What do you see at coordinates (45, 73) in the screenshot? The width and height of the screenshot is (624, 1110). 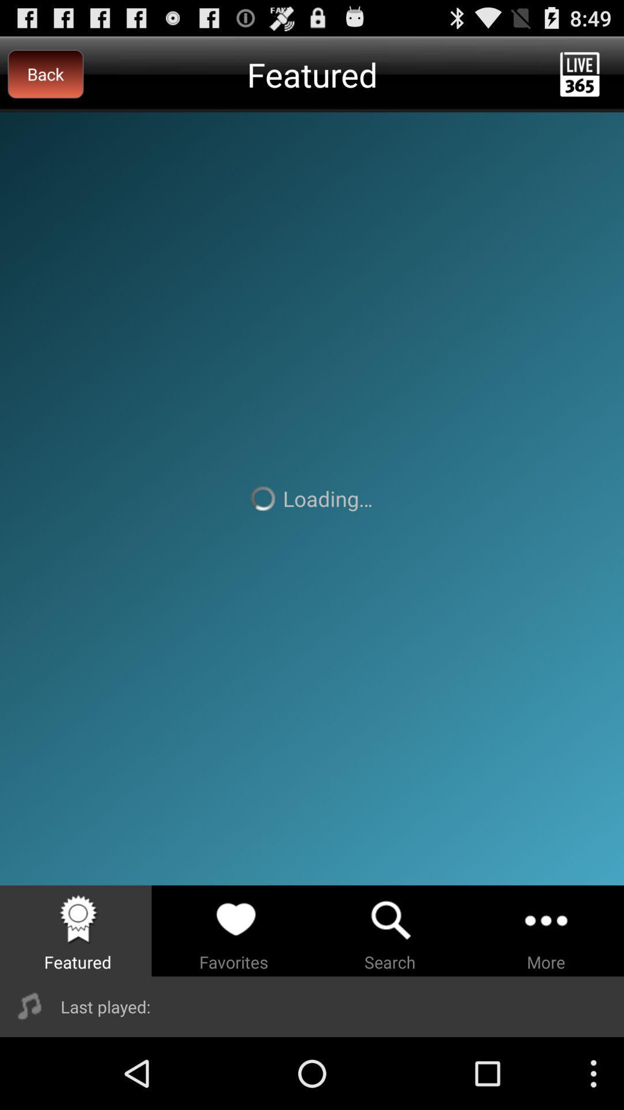 I see `the item to the left of the featured` at bounding box center [45, 73].